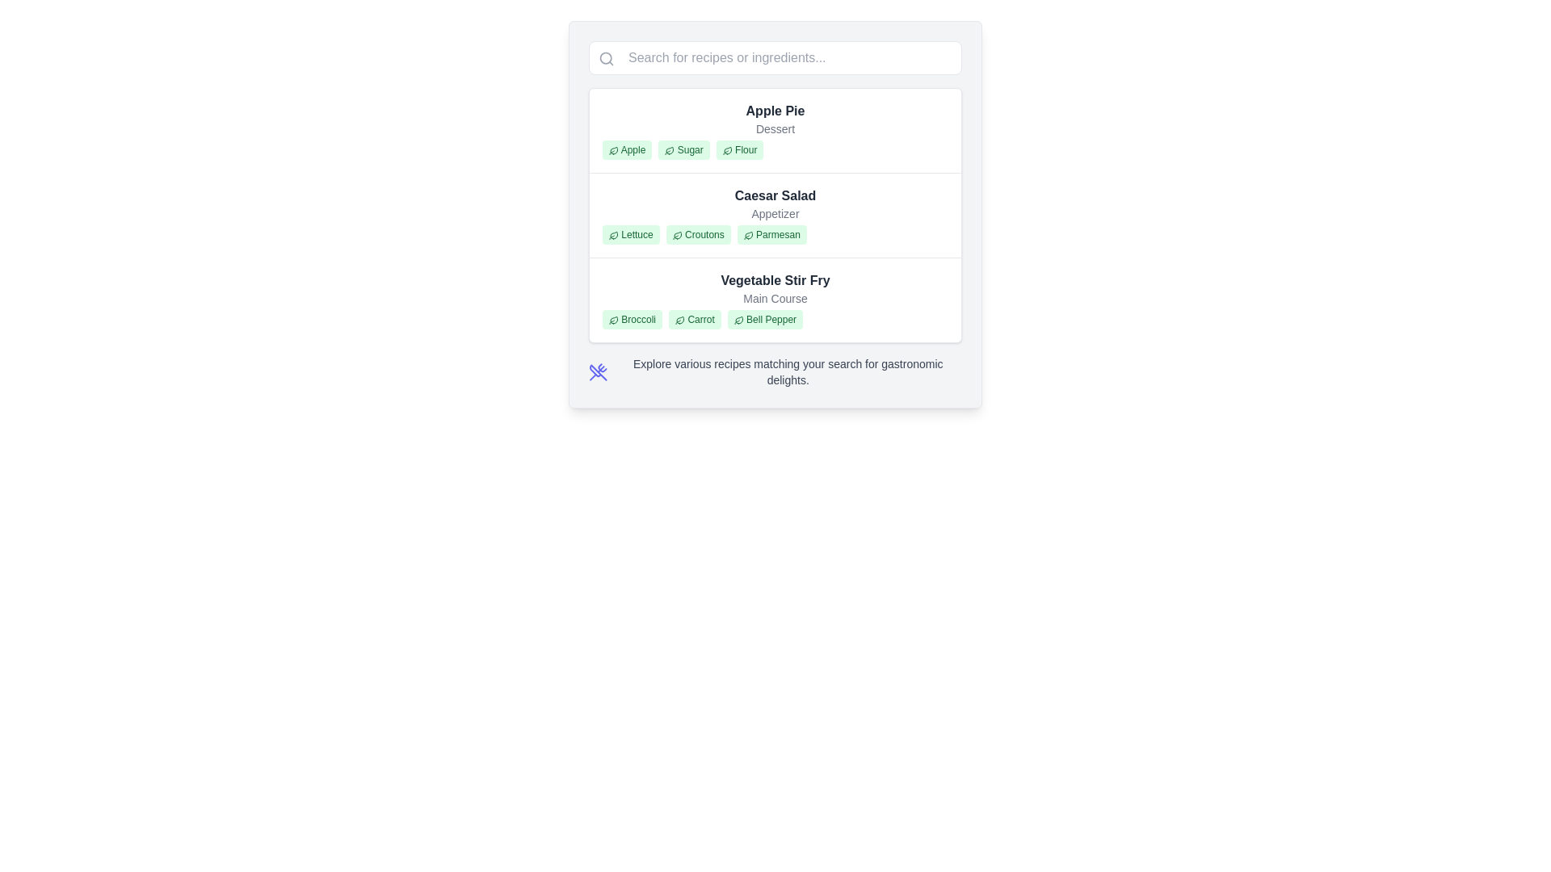 This screenshot has width=1551, height=872. What do you see at coordinates (775, 195) in the screenshot?
I see `the title text 'Caesar Salad', which is the first item in the recipe list and serves as a quick identifier for users, positioned above the subtitle 'Appetizer'` at bounding box center [775, 195].